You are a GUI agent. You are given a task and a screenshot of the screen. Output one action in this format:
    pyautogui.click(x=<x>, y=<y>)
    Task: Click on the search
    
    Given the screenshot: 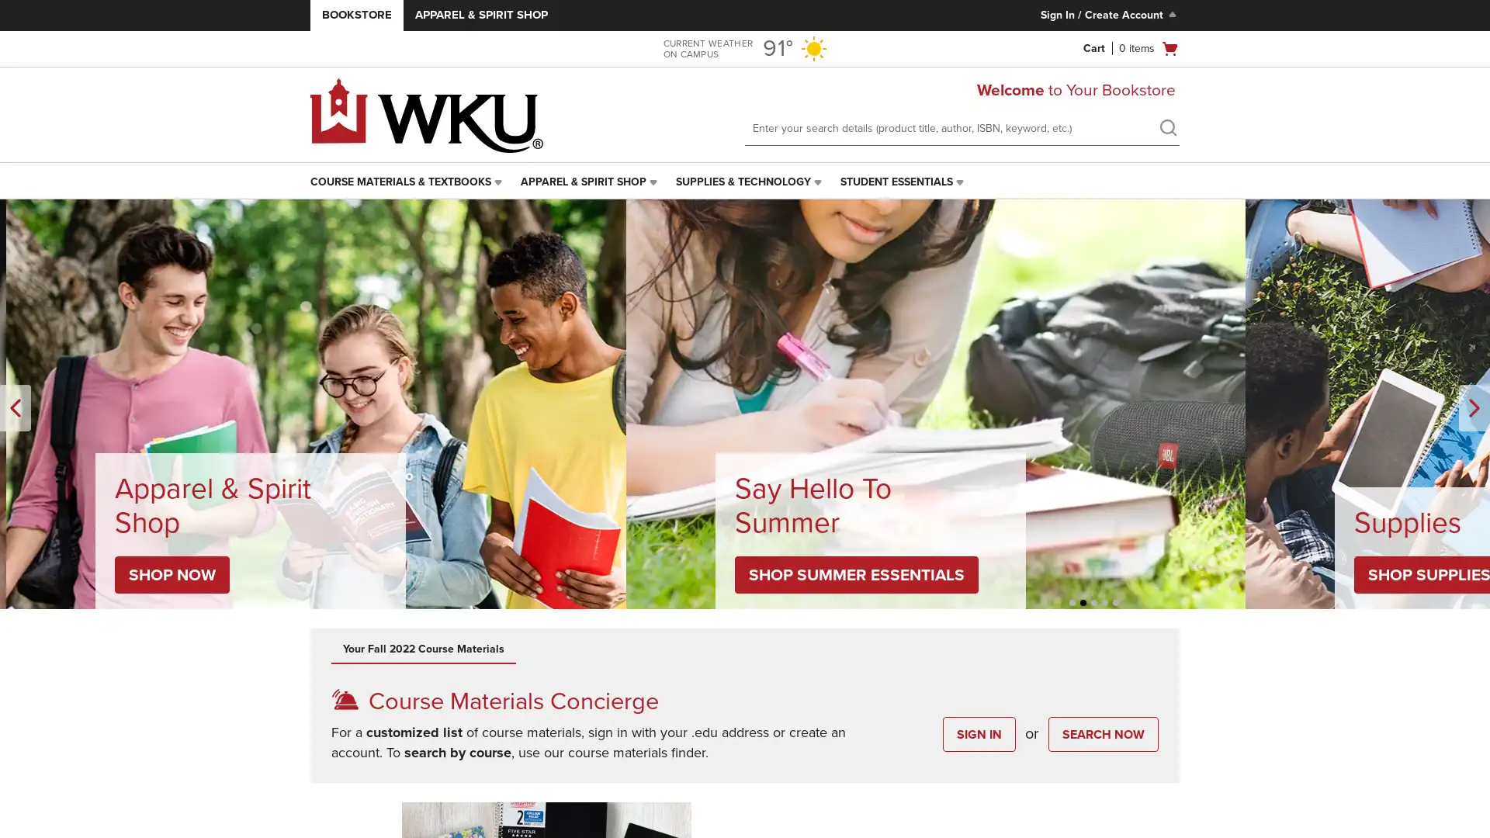 What is the action you would take?
    pyautogui.click(x=1168, y=127)
    